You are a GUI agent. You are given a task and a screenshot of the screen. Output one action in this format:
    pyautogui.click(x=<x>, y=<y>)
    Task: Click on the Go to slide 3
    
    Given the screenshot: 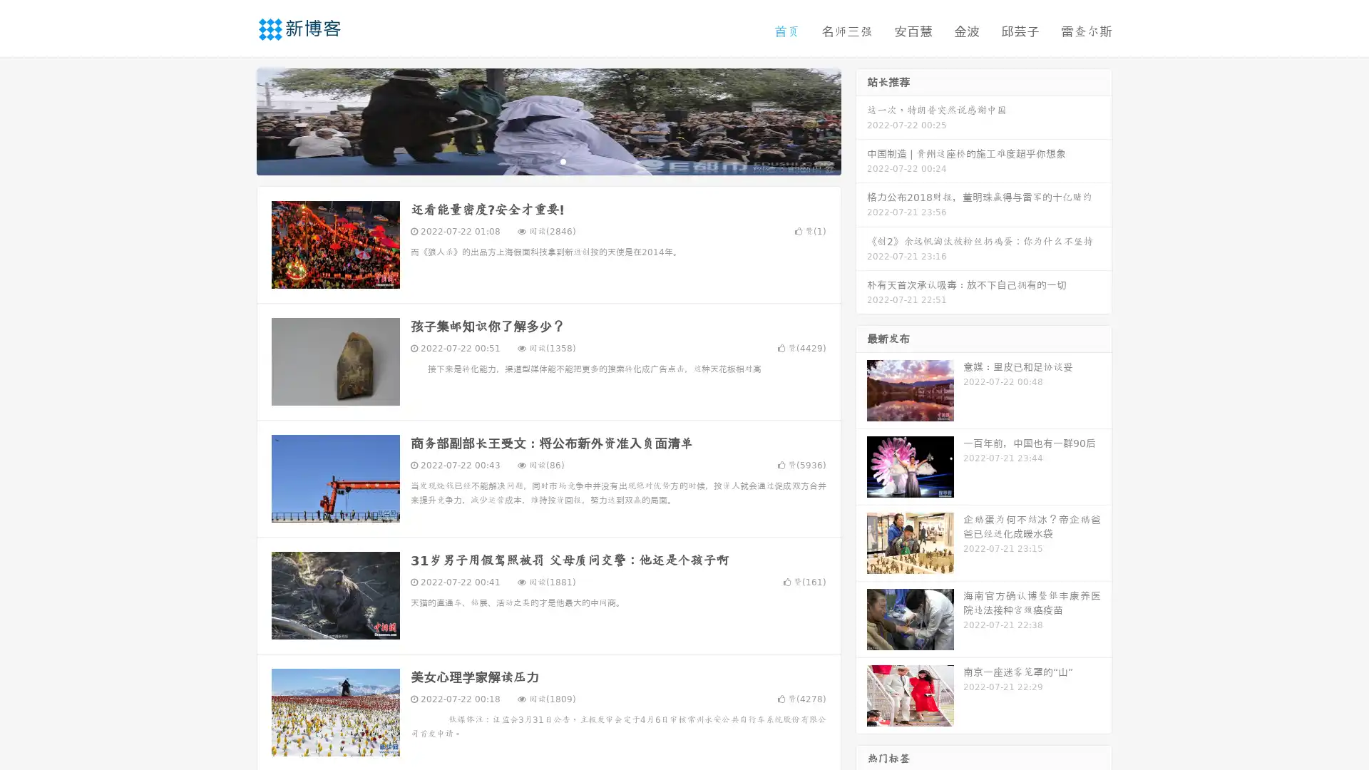 What is the action you would take?
    pyautogui.click(x=563, y=160)
    